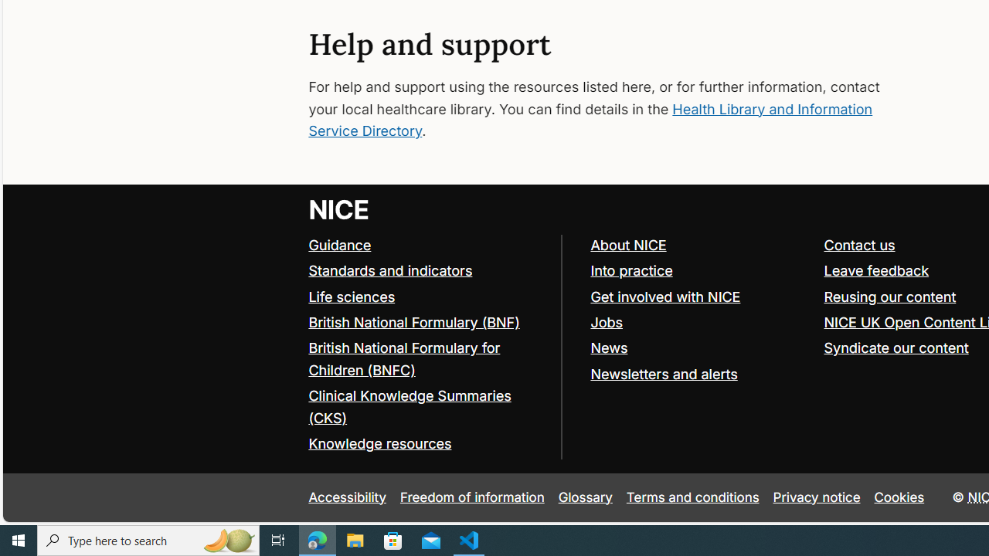 This screenshot has width=989, height=556. Describe the element at coordinates (608, 348) in the screenshot. I see `'News'` at that location.